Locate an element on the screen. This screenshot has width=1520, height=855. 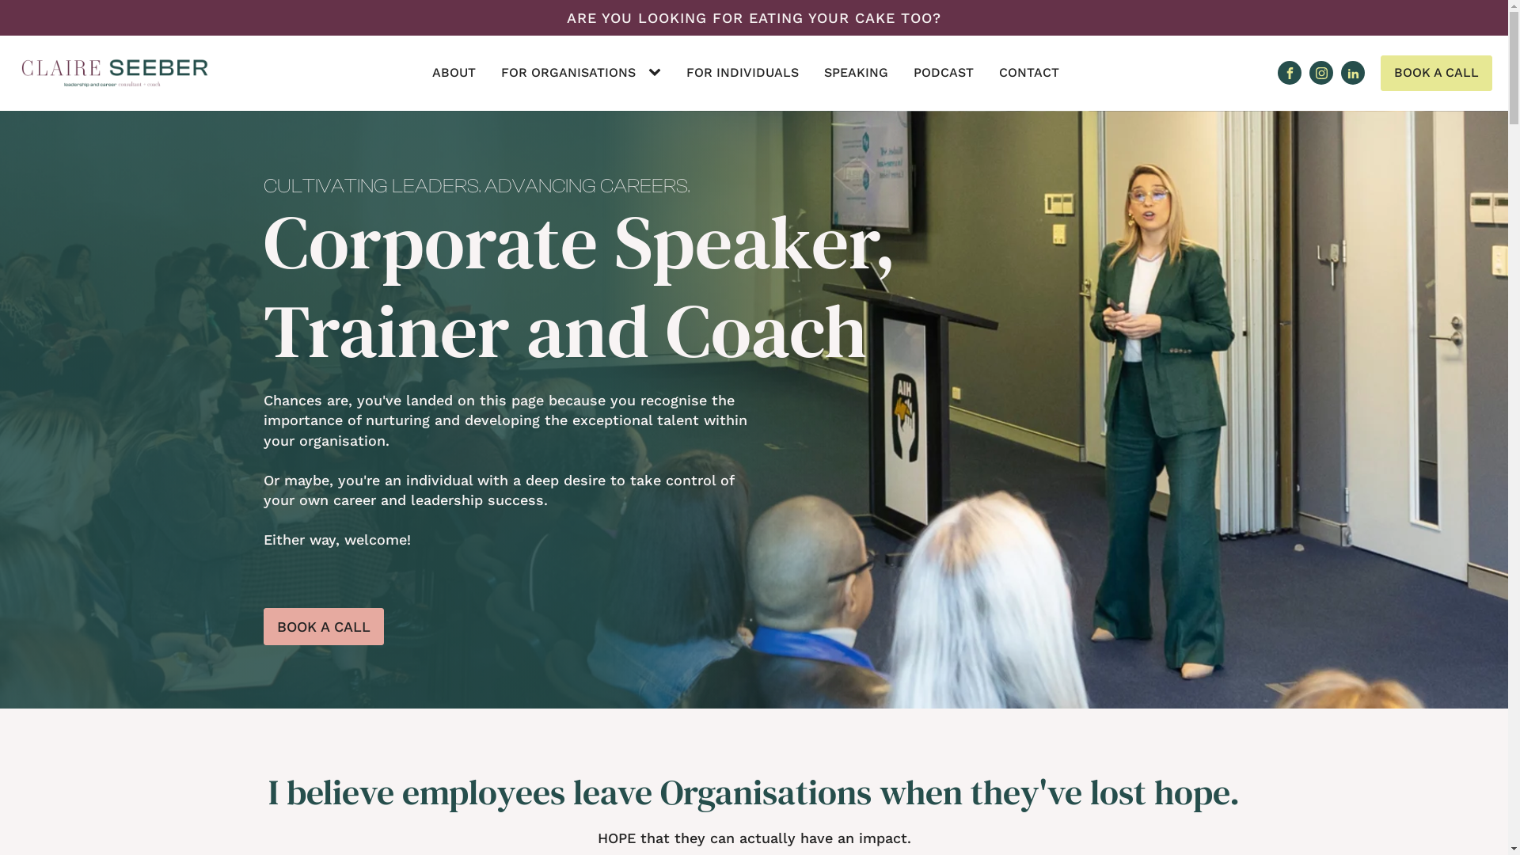
'CONTACT' is located at coordinates (1029, 73).